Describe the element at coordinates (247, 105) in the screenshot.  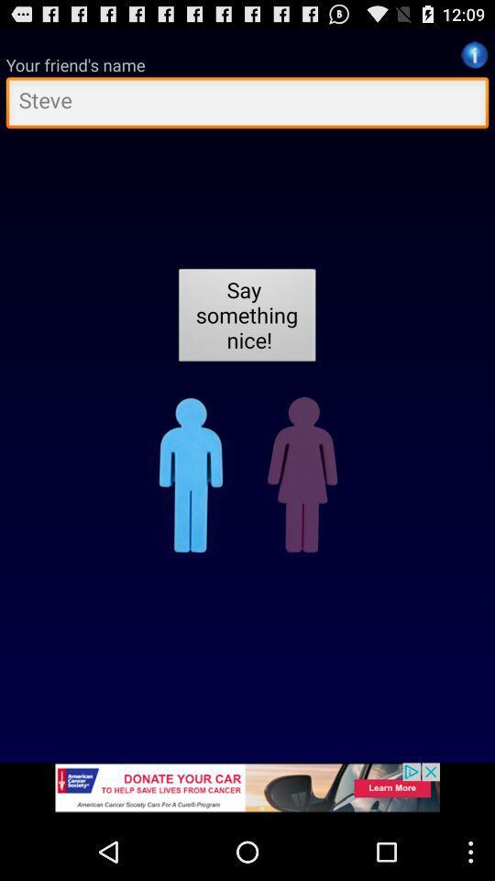
I see `friend 's name` at that location.